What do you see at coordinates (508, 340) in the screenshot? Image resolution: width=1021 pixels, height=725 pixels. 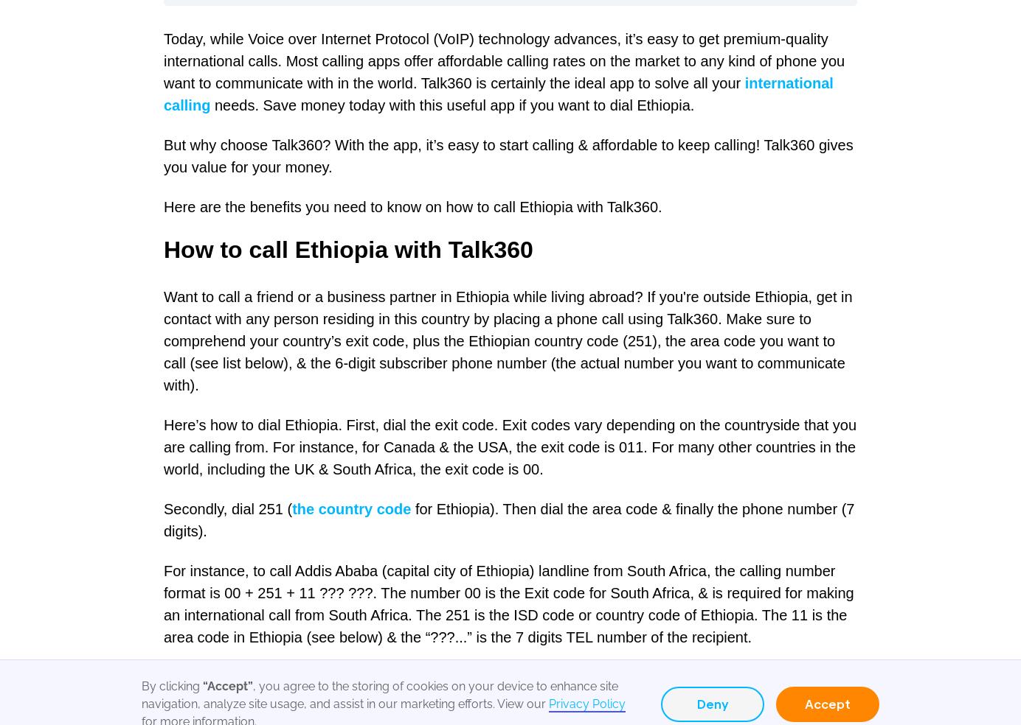 I see `'Want to call a friend or a business partner in Ethiopia while living abroad? If you're outside Ethiopia, get in contact with any person residing in this country by placing a phone call using Talk360. Make sure to comprehend your country’s exit code, plus the Ethiopian country code (251), the area code you want to call (see list below), & the 6-digit subscriber phone number (the actual number you want to communicate with).'` at bounding box center [508, 340].